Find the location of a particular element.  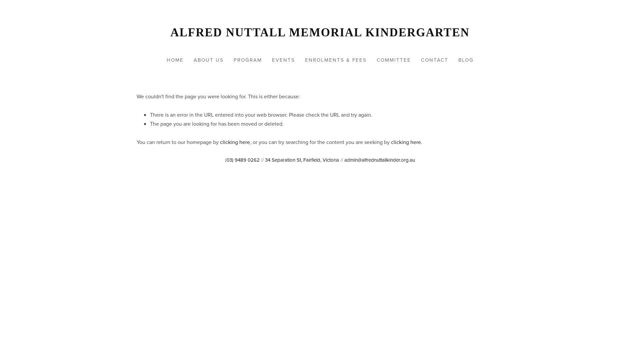

'COMMITTEE' is located at coordinates (394, 60).